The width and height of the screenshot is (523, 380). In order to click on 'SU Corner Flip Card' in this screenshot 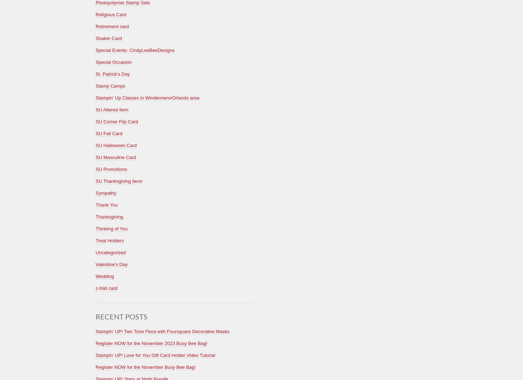, I will do `click(117, 121)`.